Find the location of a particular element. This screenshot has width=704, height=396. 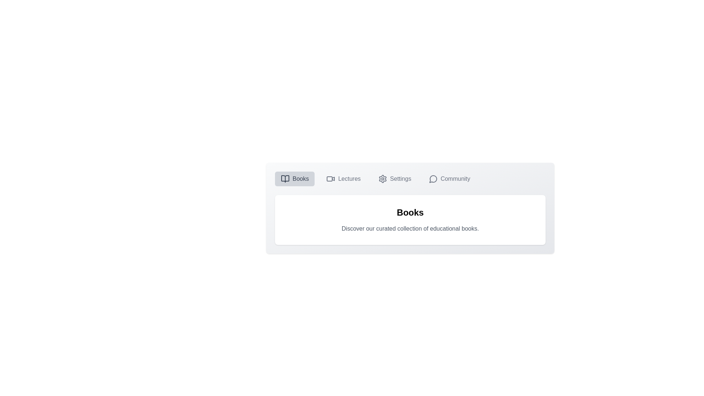

the Books tab to view its content is located at coordinates (295, 179).